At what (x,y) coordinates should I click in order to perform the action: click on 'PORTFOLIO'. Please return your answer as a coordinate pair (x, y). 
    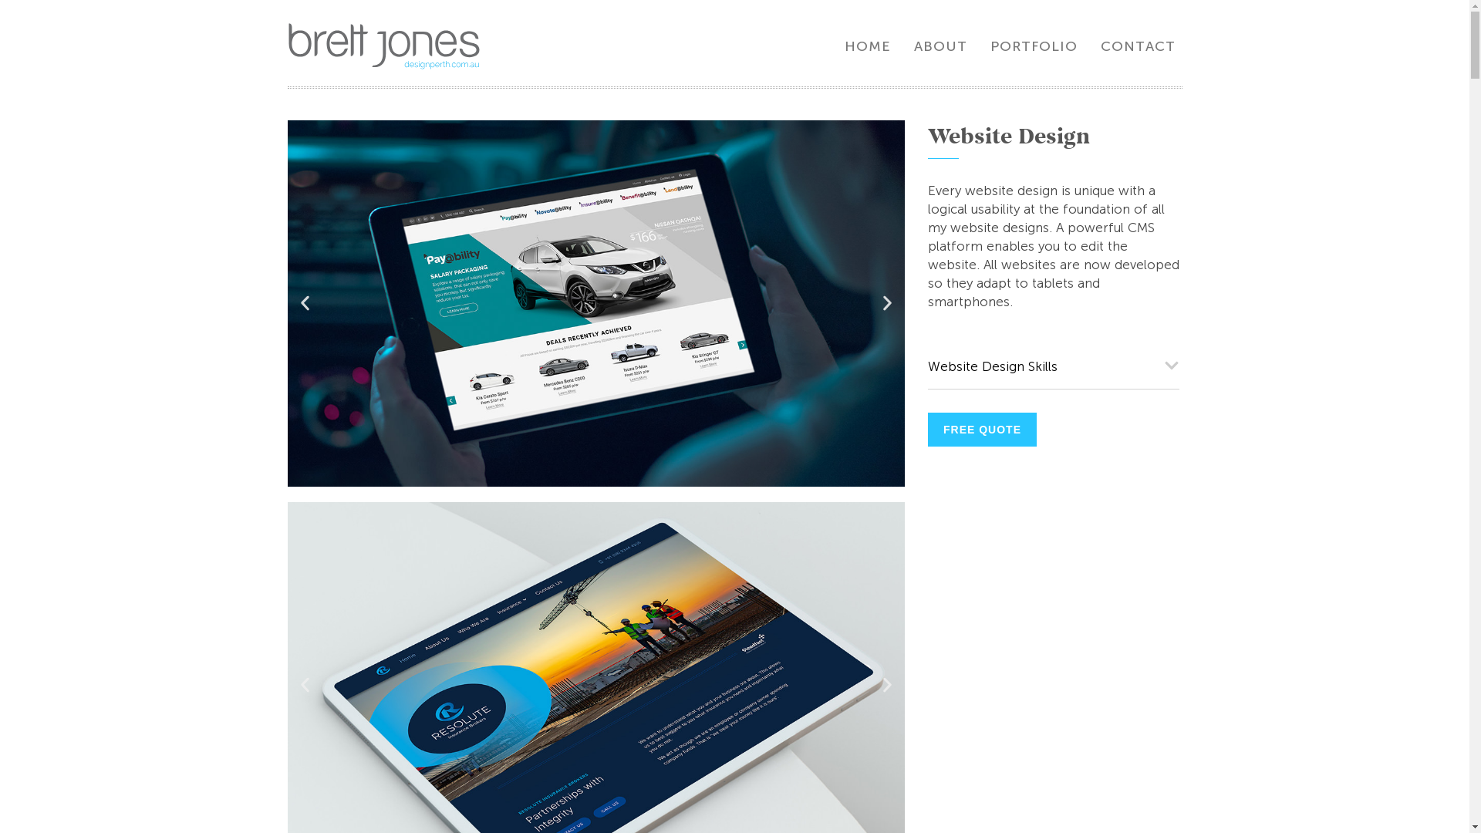
    Looking at the image, I should click on (990, 46).